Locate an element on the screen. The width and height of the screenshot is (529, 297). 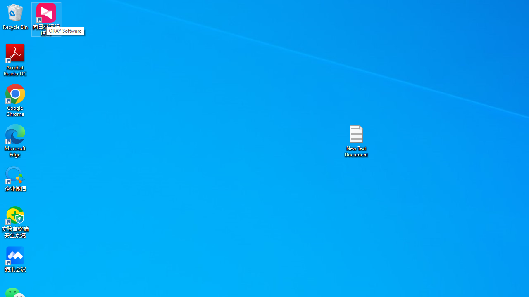
'Microsoft Edge' is located at coordinates (15, 140).